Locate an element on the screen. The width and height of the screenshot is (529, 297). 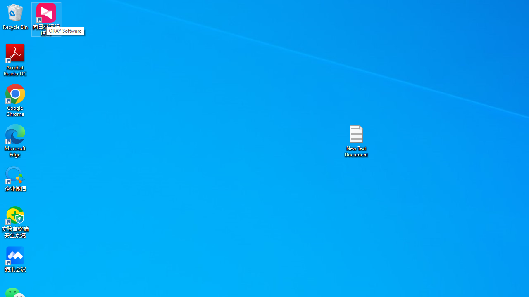
'Microsoft Edge' is located at coordinates (15, 140).